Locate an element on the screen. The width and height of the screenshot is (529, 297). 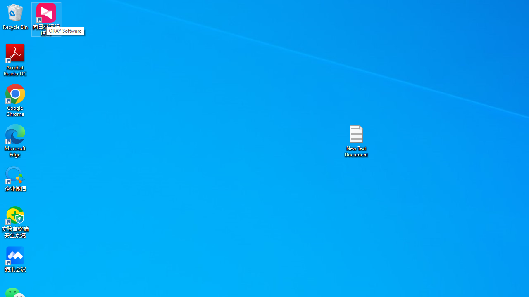
'Microsoft Edge' is located at coordinates (15, 140).